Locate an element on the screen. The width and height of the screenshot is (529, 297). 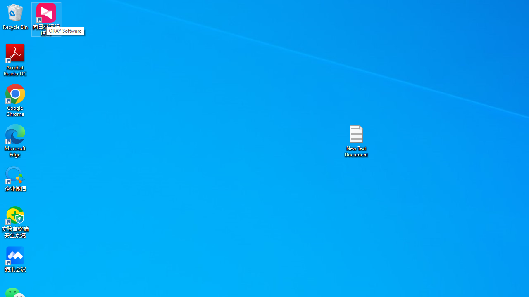
'Microsoft Edge' is located at coordinates (15, 140).